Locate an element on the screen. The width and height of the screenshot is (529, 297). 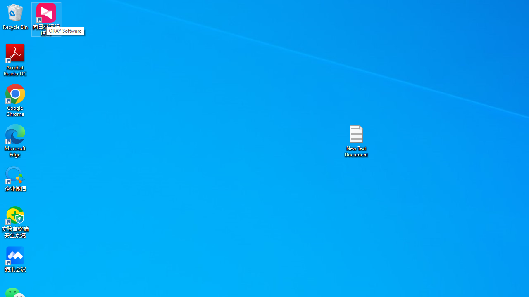
'Microsoft Edge' is located at coordinates (15, 140).